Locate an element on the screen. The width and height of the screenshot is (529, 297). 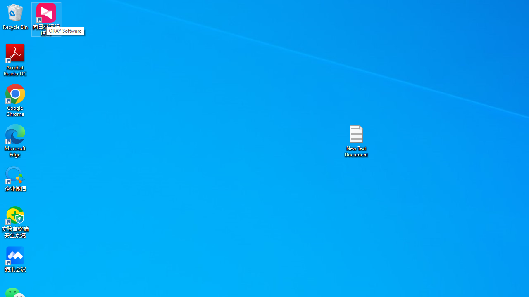
'Microsoft Edge' is located at coordinates (15, 140).